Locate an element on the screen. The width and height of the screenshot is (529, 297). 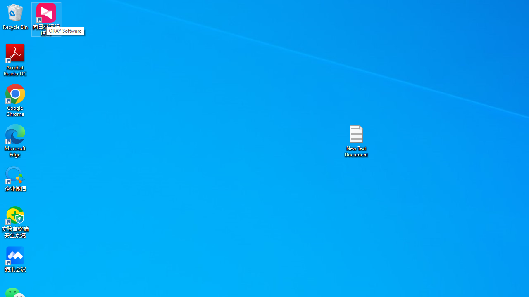
'Microsoft Edge' is located at coordinates (15, 140).